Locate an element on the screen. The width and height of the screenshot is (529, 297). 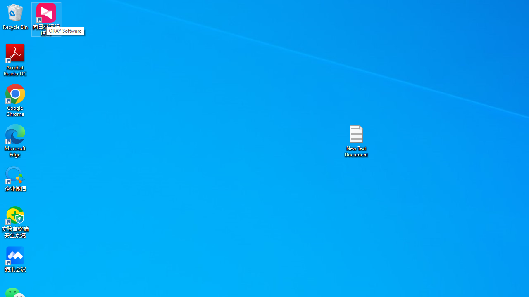
'Microsoft Edge' is located at coordinates (15, 140).